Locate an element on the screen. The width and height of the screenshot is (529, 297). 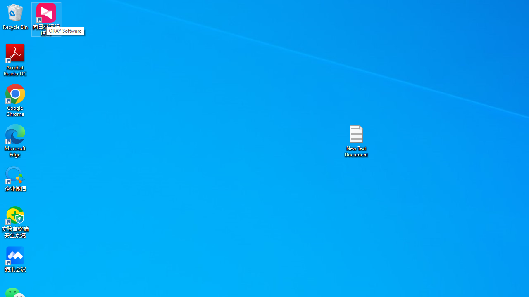
'Microsoft Edge' is located at coordinates (15, 140).